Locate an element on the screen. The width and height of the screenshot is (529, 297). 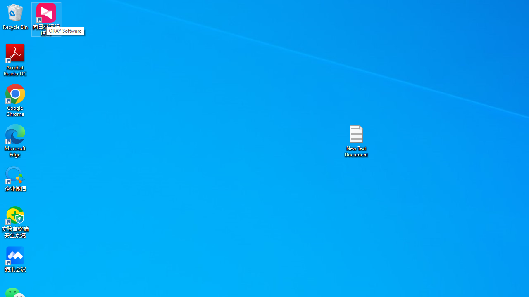
'Microsoft Edge' is located at coordinates (15, 140).